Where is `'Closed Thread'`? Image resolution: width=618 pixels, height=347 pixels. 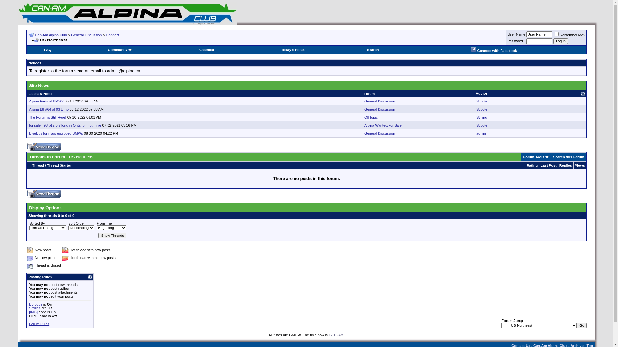
'Closed Thread' is located at coordinates (26, 265).